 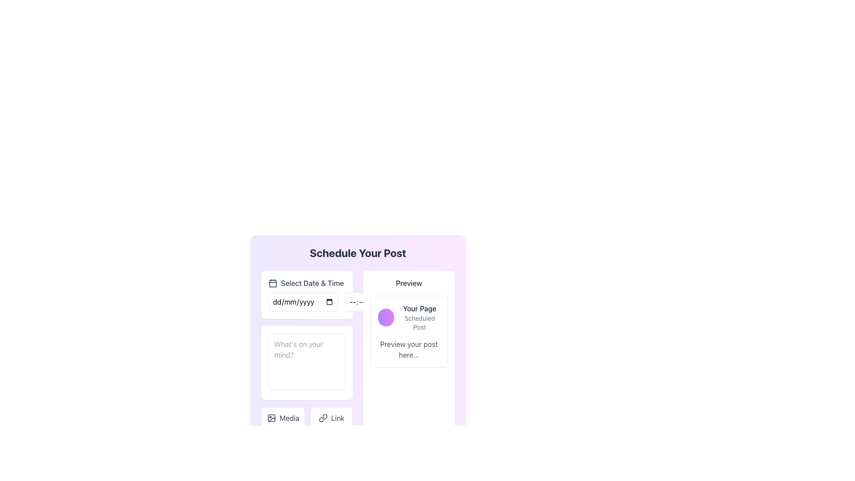 I want to click on the time input field to focus on it and input a time, so click(x=372, y=302).